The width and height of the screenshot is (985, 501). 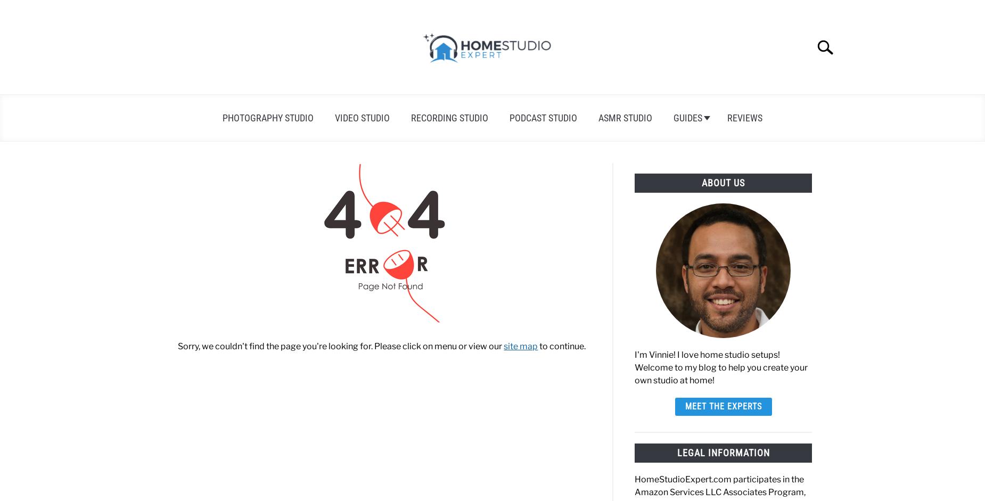 I want to click on 'Meet the Experts', so click(x=723, y=405).